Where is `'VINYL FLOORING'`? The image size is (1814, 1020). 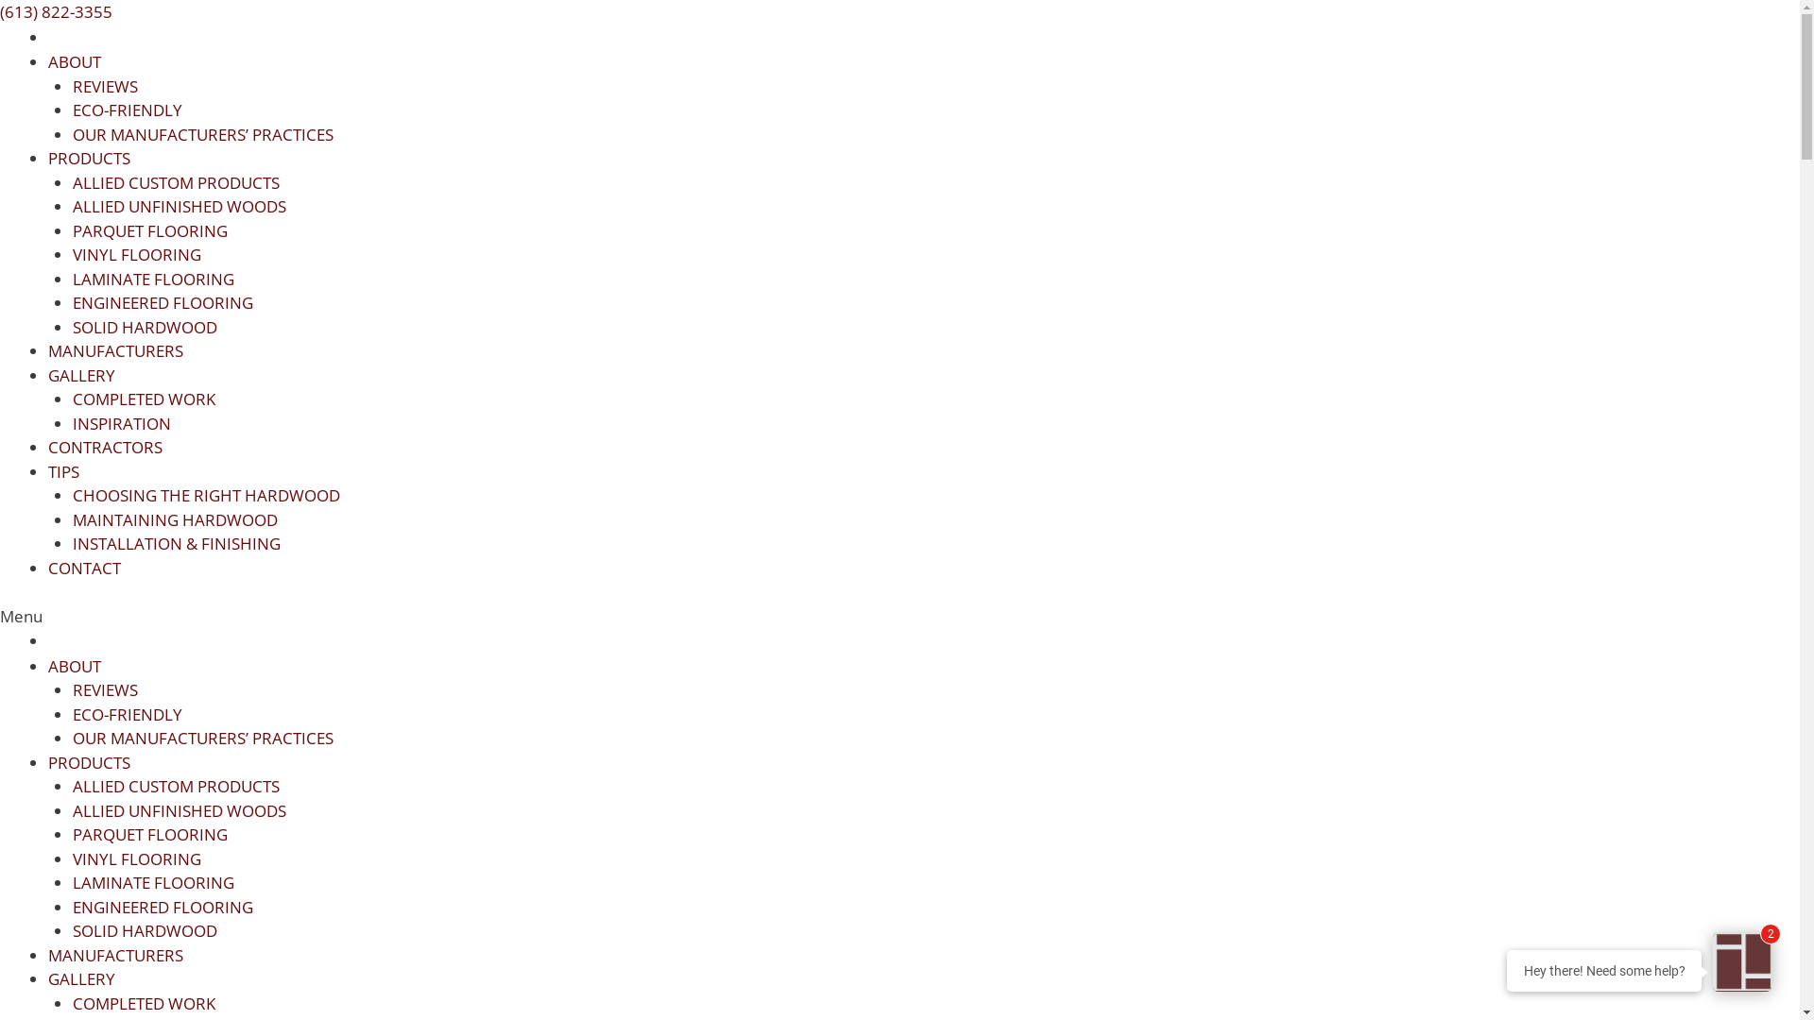
'VINYL FLOORING' is located at coordinates (135, 253).